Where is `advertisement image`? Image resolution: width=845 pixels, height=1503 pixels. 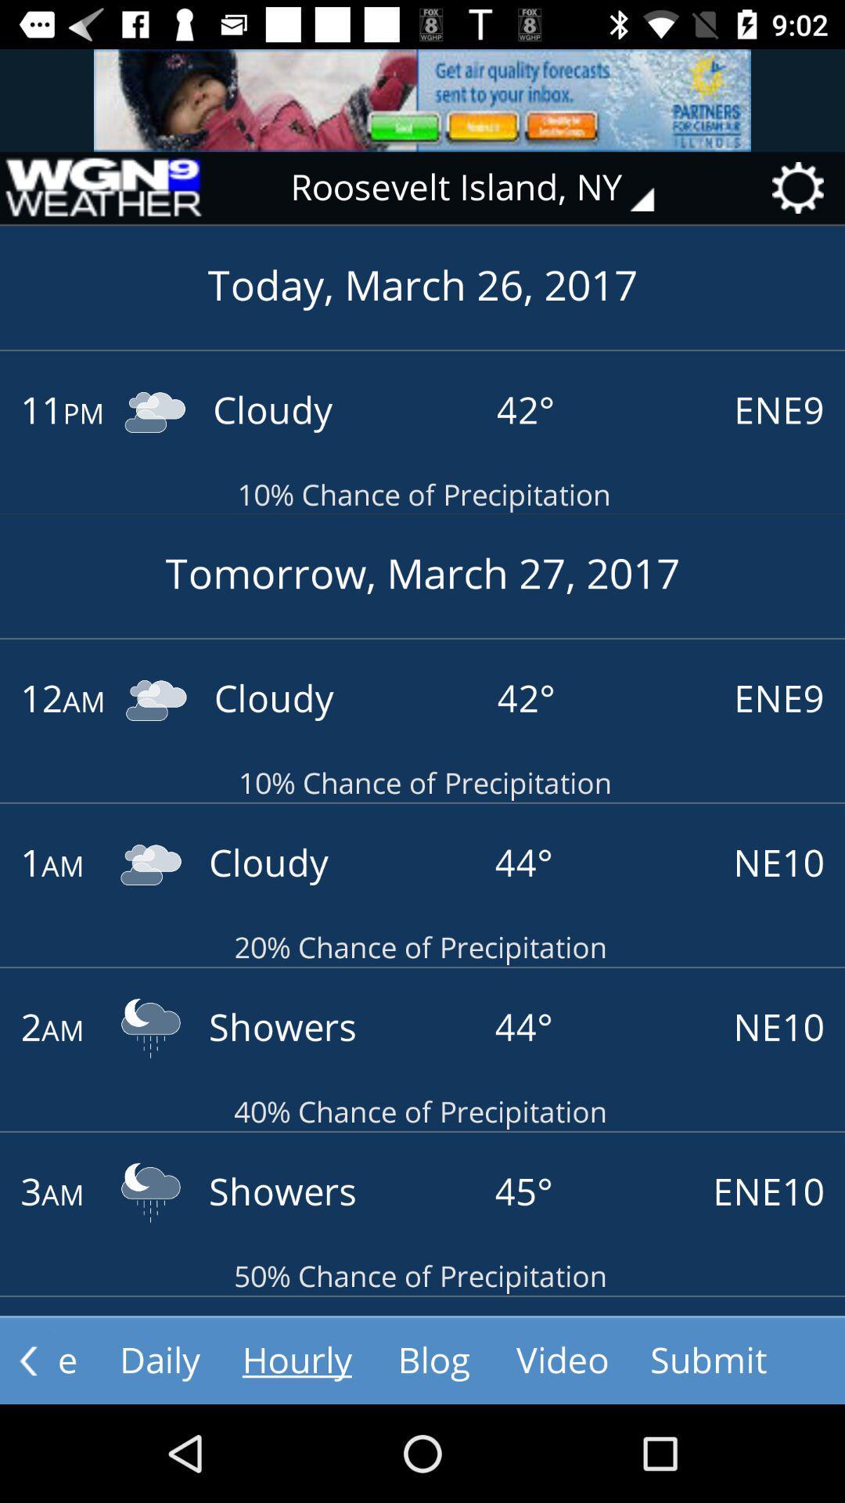 advertisement image is located at coordinates (422, 99).